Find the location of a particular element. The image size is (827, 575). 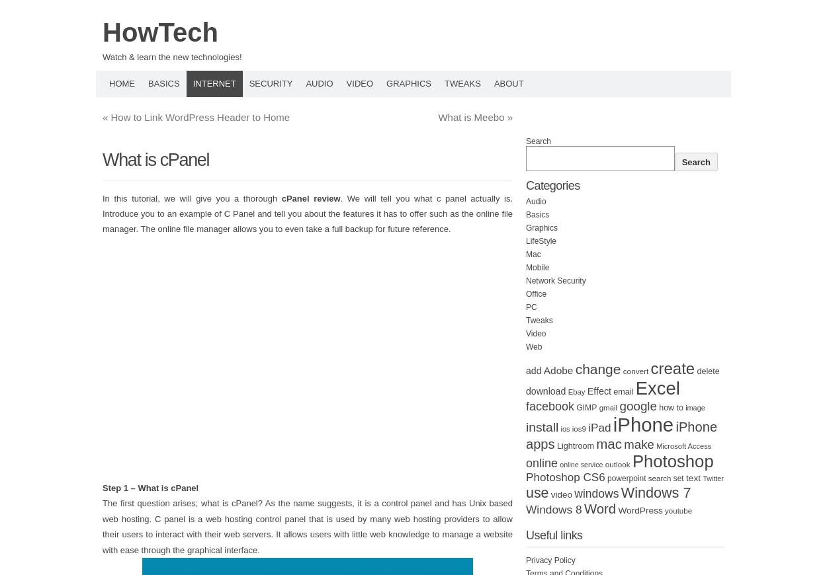

'install' is located at coordinates (541, 426).